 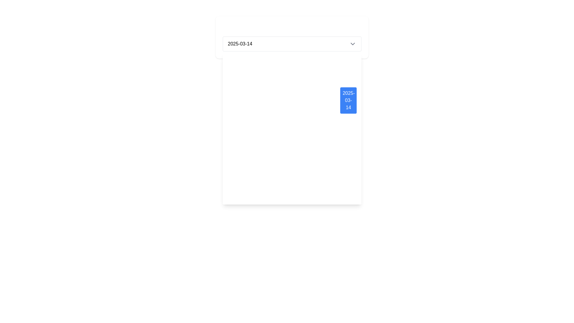 What do you see at coordinates (348, 100) in the screenshot?
I see `the button displaying the date '2025-03-14' with a blue background in the second row, seventh column of the grid` at bounding box center [348, 100].